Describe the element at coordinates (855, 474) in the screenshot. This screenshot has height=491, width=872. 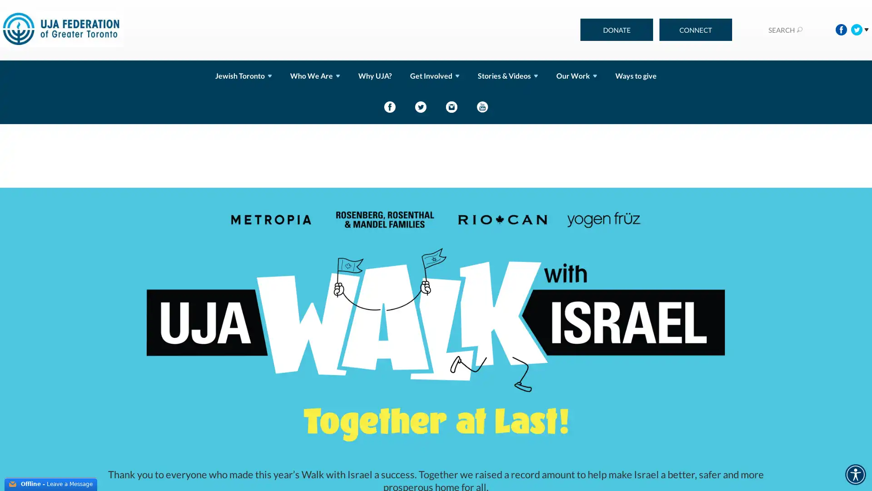
I see `Accessibility Menu` at that location.